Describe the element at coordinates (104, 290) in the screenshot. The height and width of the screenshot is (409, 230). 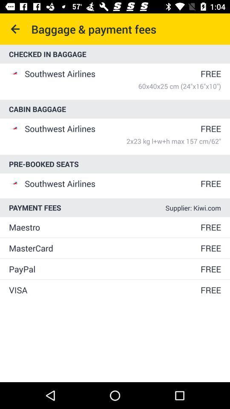
I see `icon to the left of free` at that location.